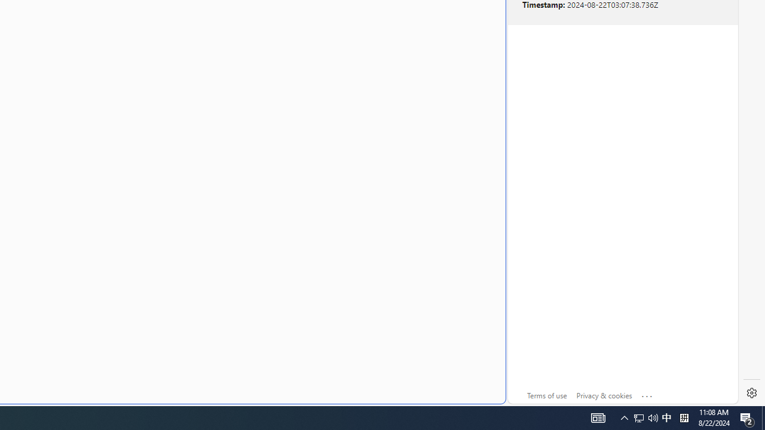  What do you see at coordinates (751, 393) in the screenshot?
I see `'Settings'` at bounding box center [751, 393].